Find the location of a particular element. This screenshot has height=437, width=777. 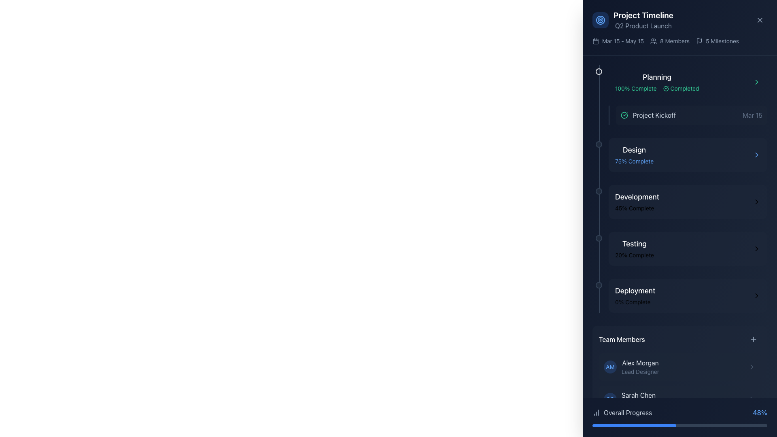

the Plain text label displaying the project timeline date range, which is located in the upper section of the interface, aligned horizontally with a calendar icon to its left is located at coordinates (622, 41).